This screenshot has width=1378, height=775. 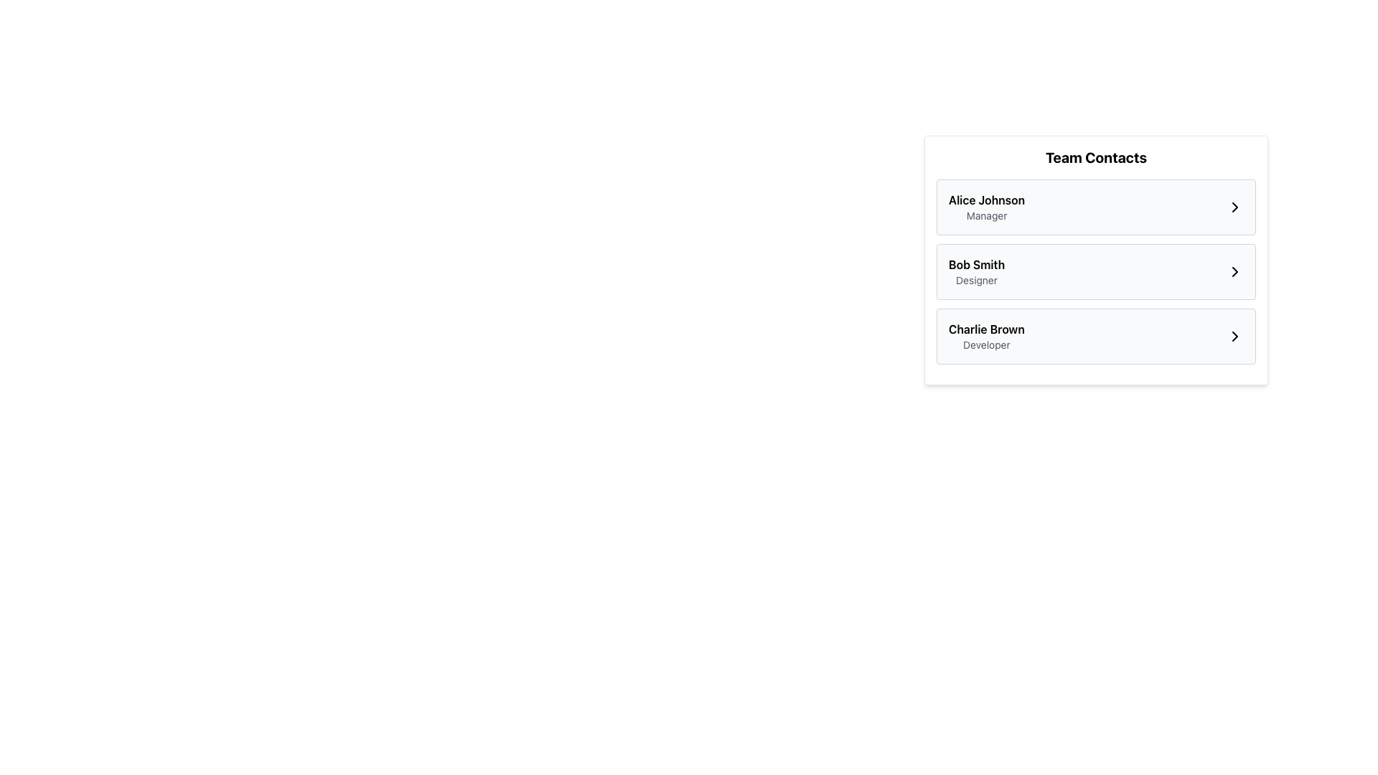 What do you see at coordinates (985, 329) in the screenshot?
I see `the bold text element displaying the name 'Charlie Brown', which is positioned as the title of a contact card entry in the third row of contact cards` at bounding box center [985, 329].